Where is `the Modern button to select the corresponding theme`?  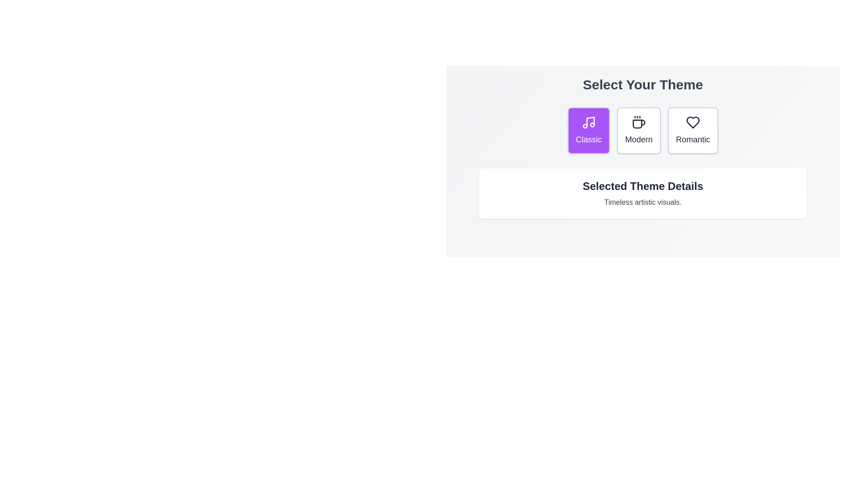 the Modern button to select the corresponding theme is located at coordinates (638, 130).